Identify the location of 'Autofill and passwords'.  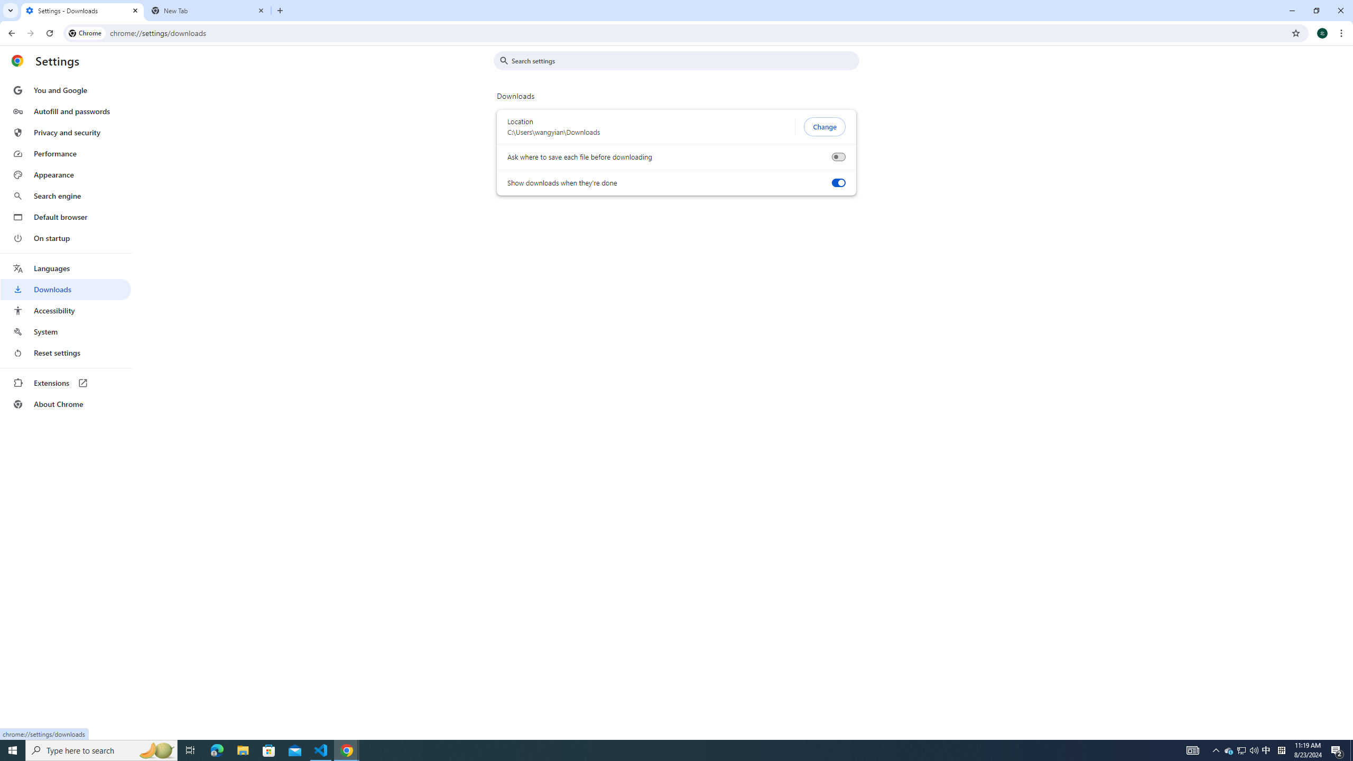
(65, 111).